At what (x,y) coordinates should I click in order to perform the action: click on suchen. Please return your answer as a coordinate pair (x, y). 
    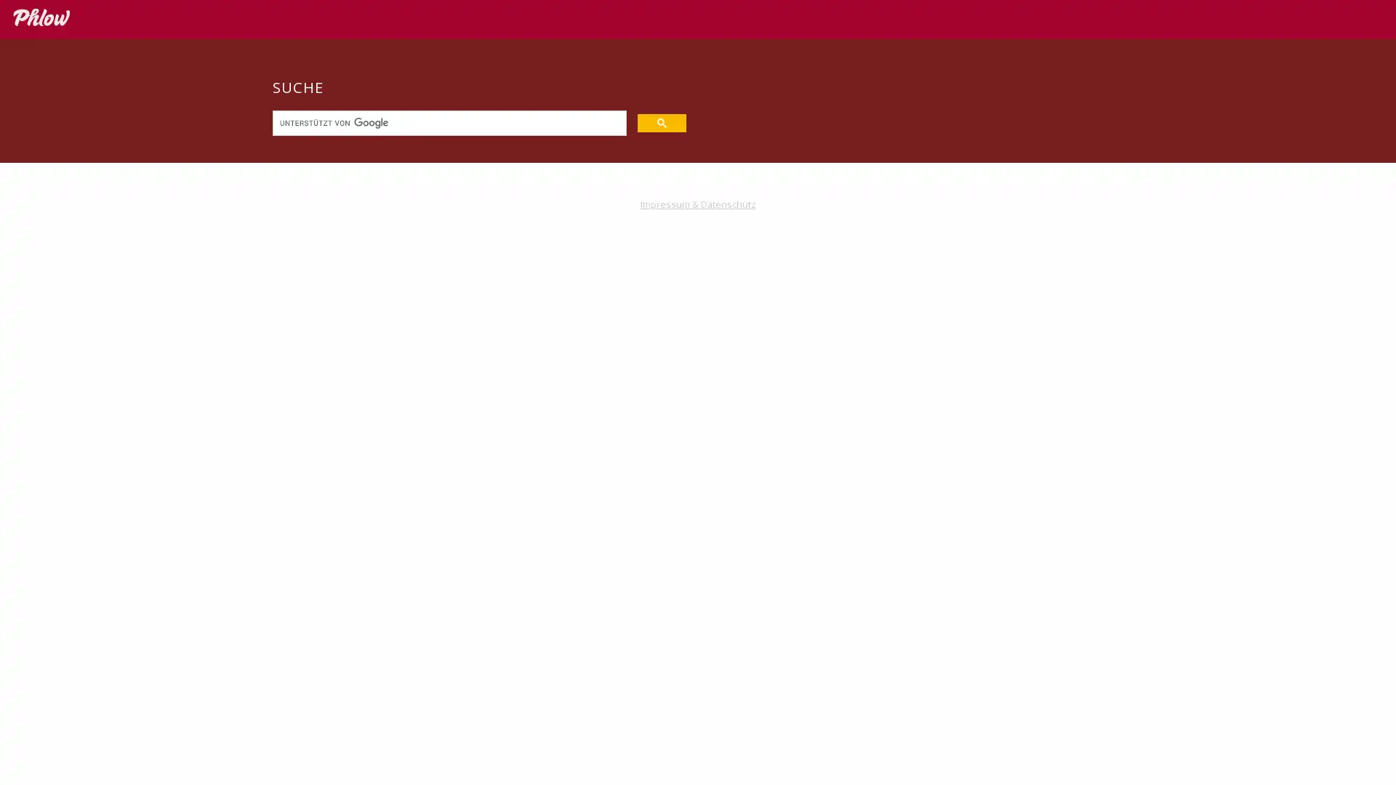
    Looking at the image, I should click on (661, 121).